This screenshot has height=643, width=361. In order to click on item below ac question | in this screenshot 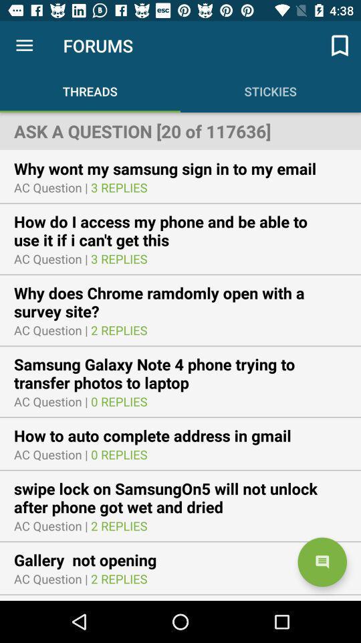, I will do `click(180, 302)`.